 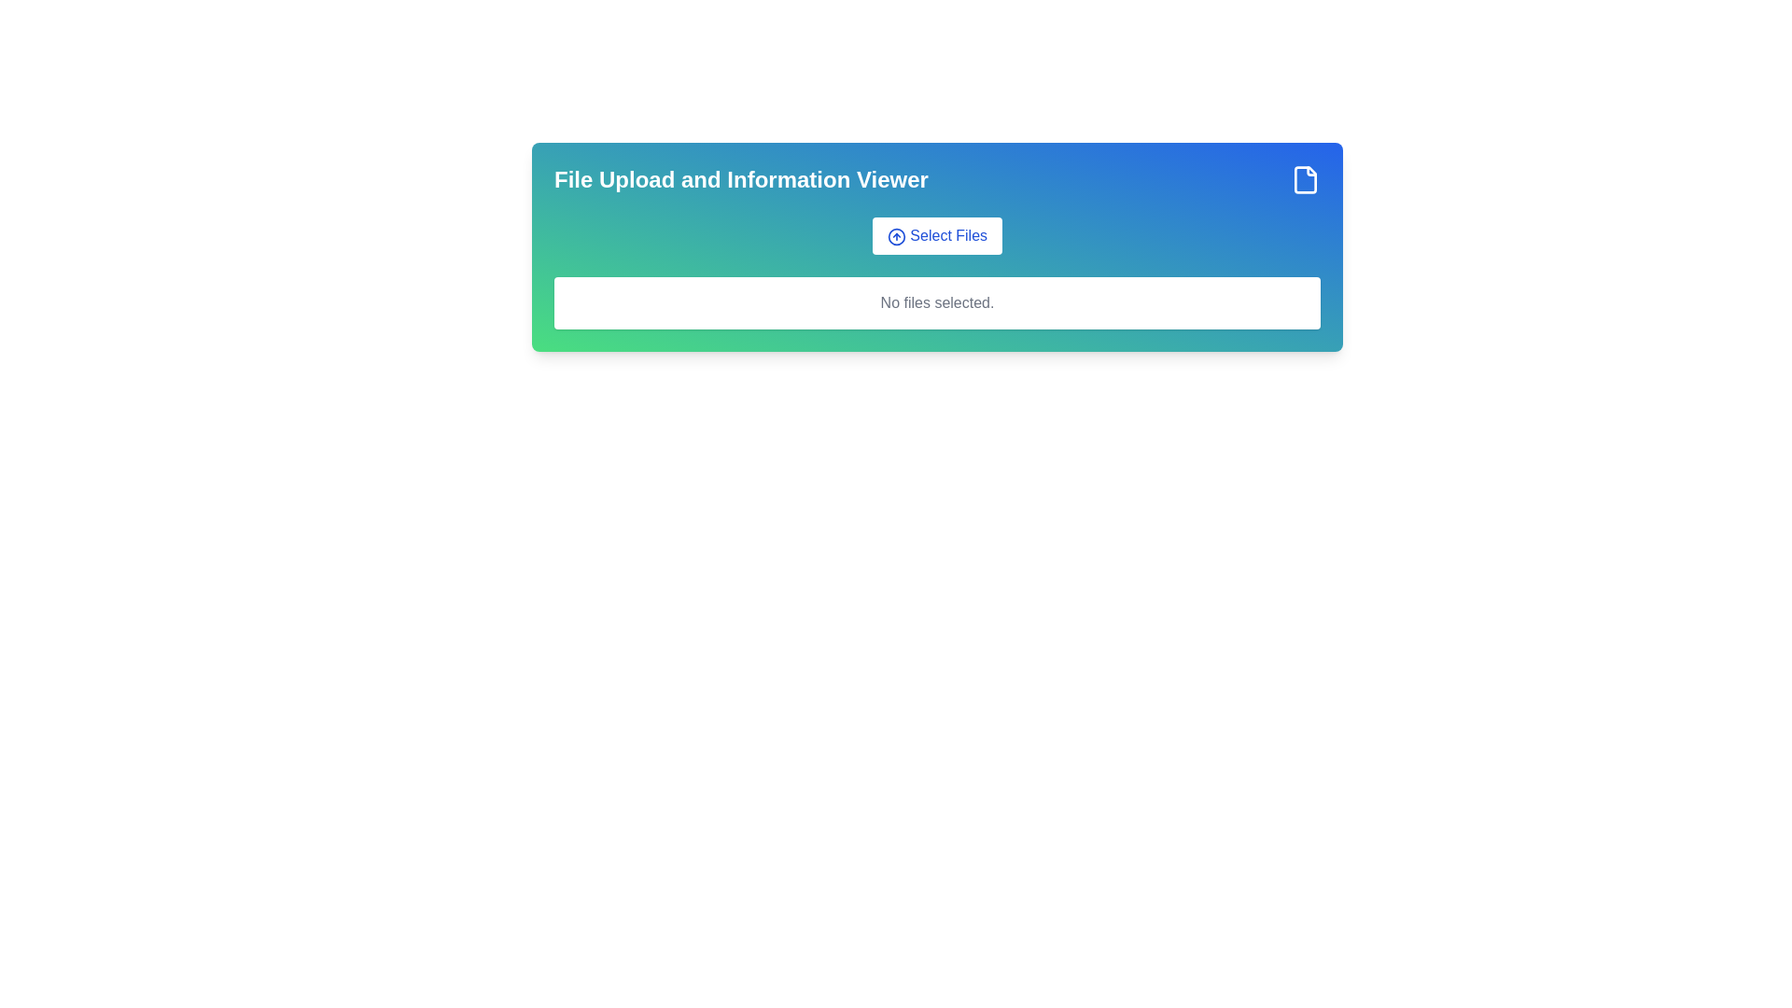 I want to click on the file-related icon located at the far right of the header bar labeled 'File Upload and Information Viewer' to invoke its related action, so click(x=1304, y=179).